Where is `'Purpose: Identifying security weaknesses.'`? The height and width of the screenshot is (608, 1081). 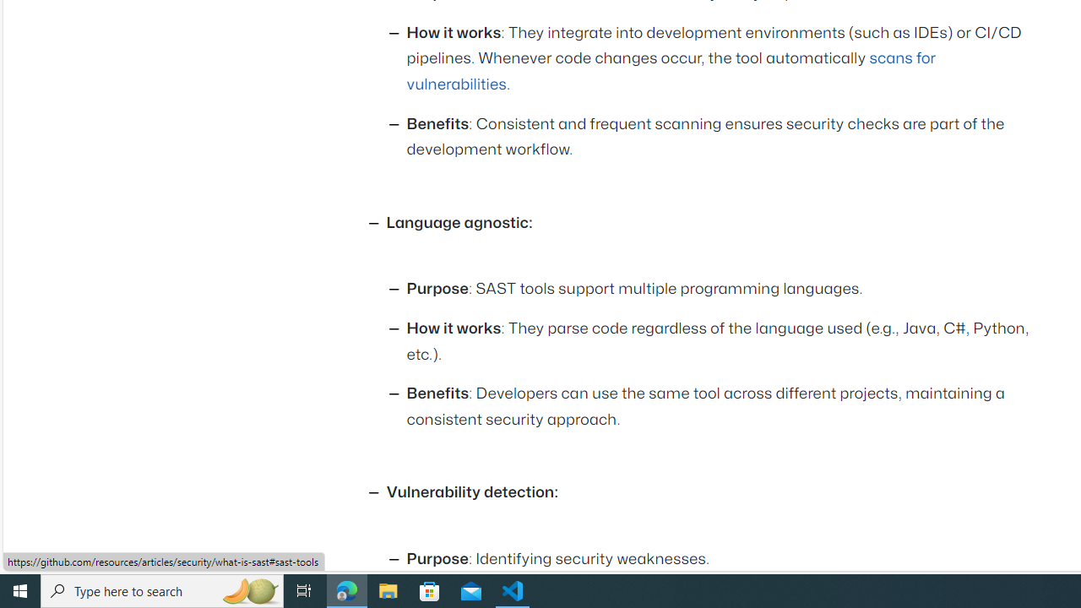
'Purpose: Identifying security weaknesses.' is located at coordinates (722, 560).